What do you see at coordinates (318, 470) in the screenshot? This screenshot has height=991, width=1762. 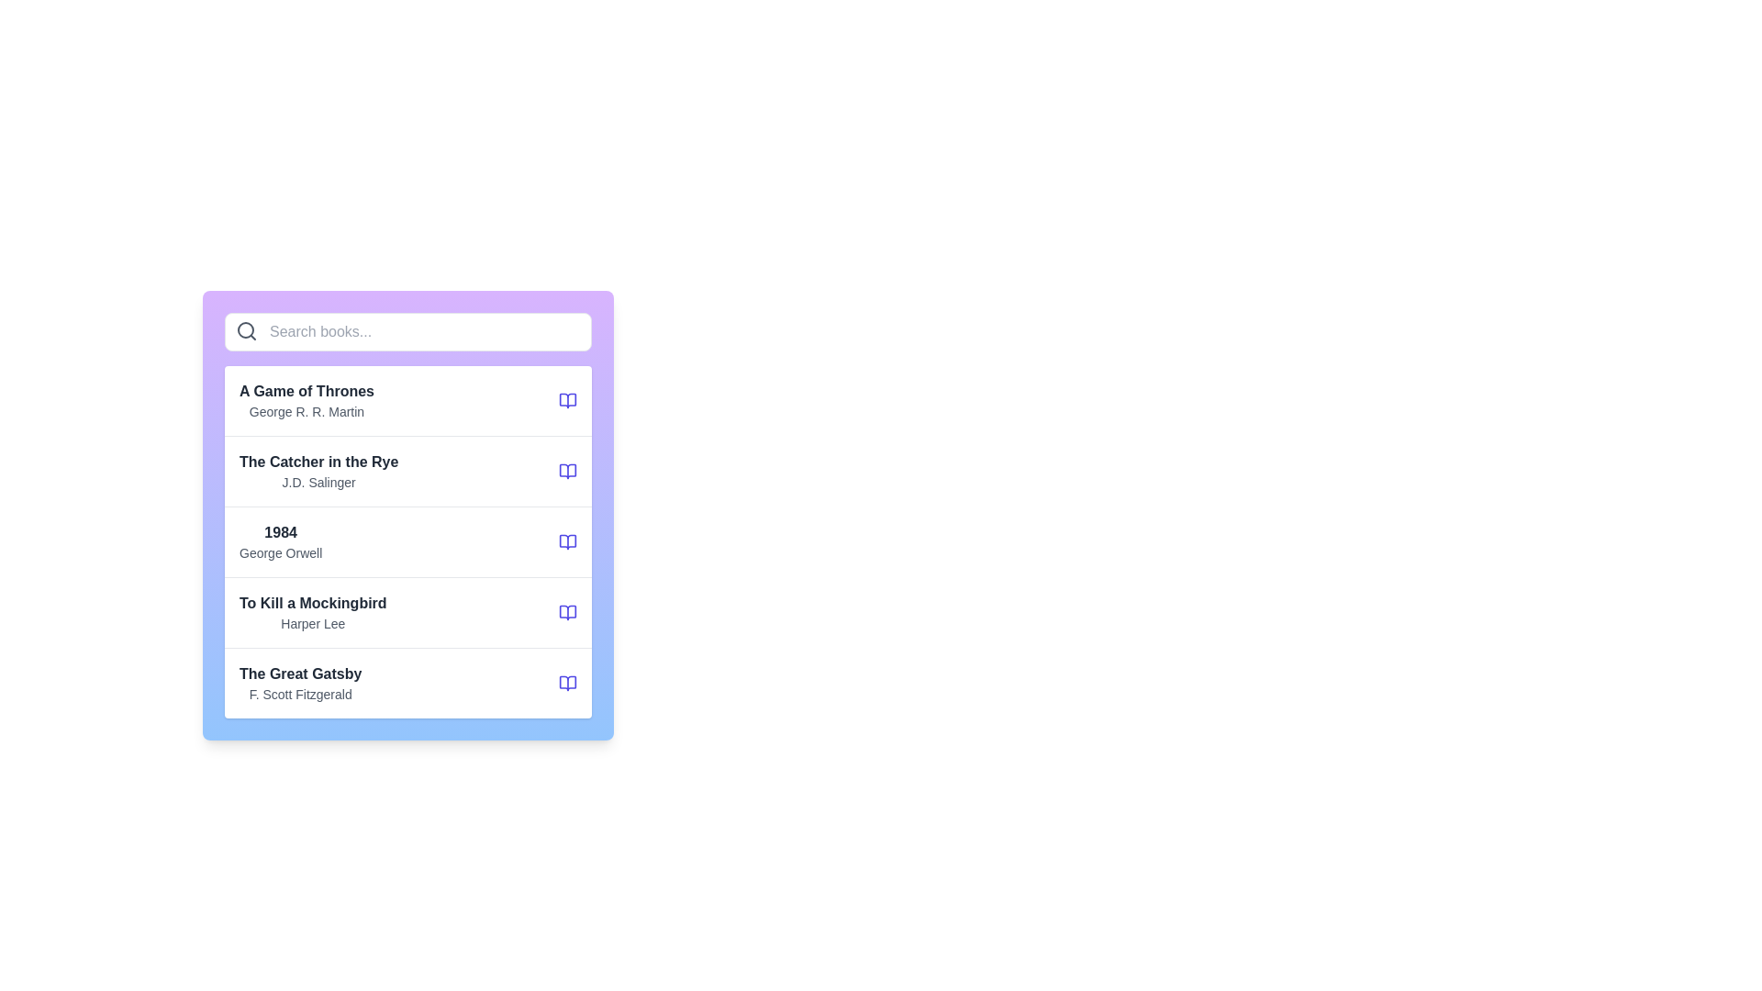 I see `the text entry 'The Catcher in the Rye' in the second row of the list` at bounding box center [318, 470].